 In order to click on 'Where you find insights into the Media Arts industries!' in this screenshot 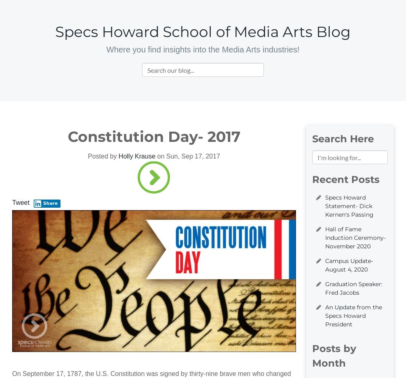, I will do `click(202, 50)`.